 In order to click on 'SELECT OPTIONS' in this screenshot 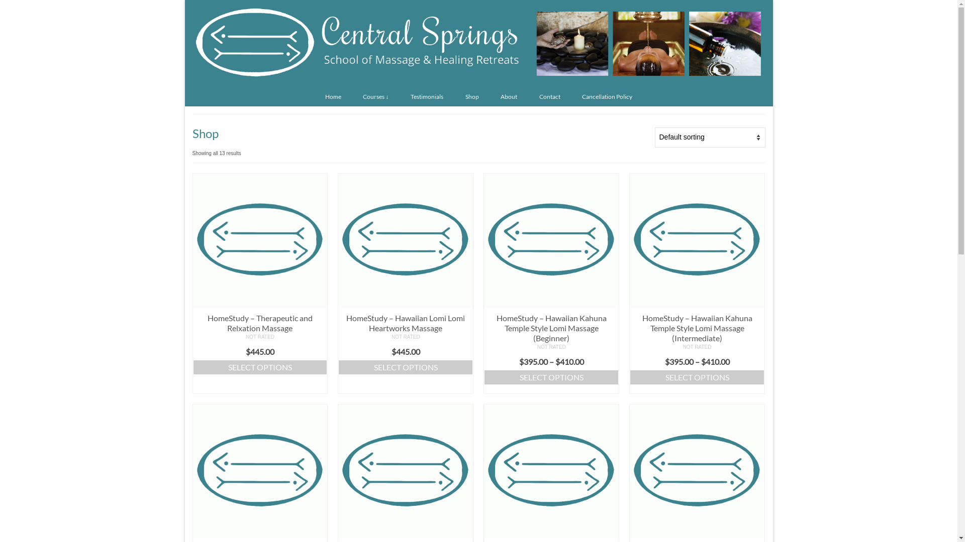, I will do `click(697, 377)`.